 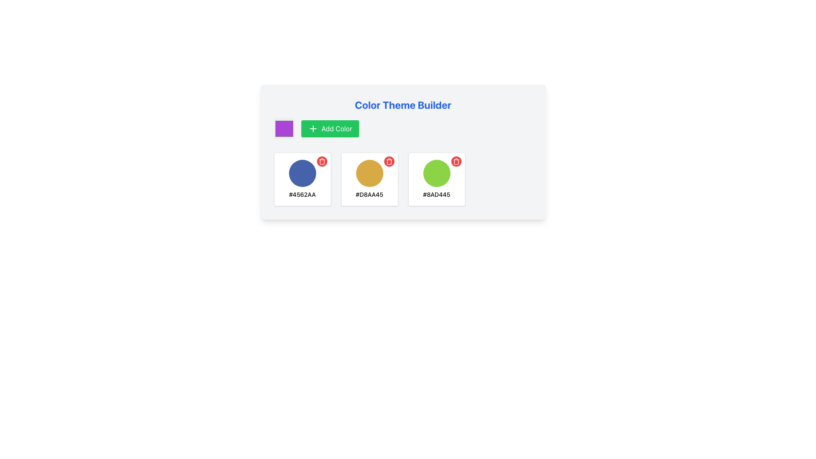 I want to click on the middle vertical component of the trash can icon, which is represented by a curved rectangular shape with rounded edges, located at the top-right section of the card with a green color circle labeled with hex code '#8AD445', so click(x=388, y=162).